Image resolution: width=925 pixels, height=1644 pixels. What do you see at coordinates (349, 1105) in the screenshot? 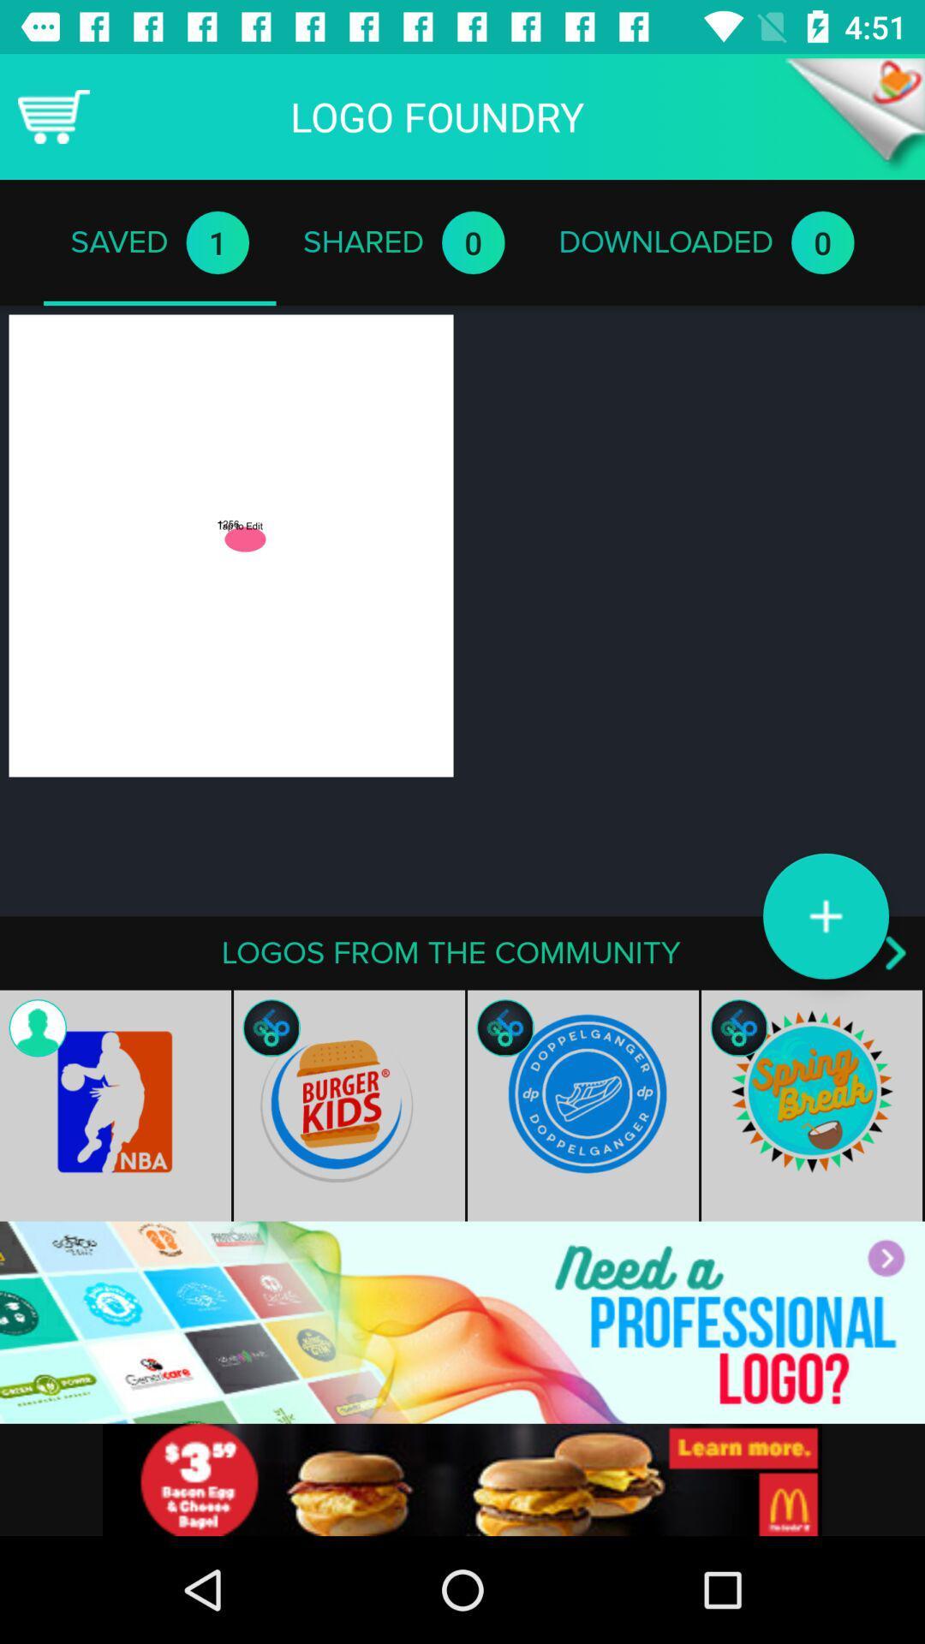
I see `the image burger kids` at bounding box center [349, 1105].